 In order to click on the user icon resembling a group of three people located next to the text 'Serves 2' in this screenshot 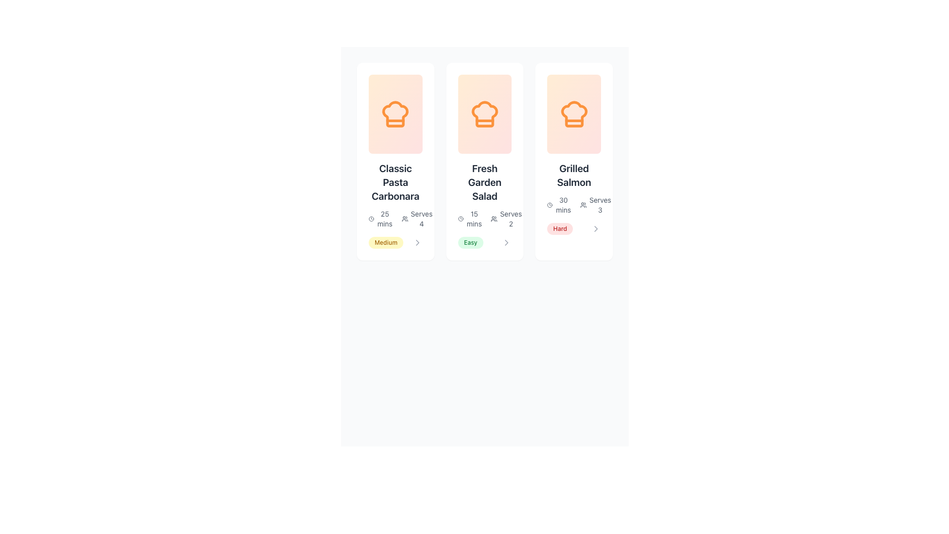, I will do `click(494, 219)`.